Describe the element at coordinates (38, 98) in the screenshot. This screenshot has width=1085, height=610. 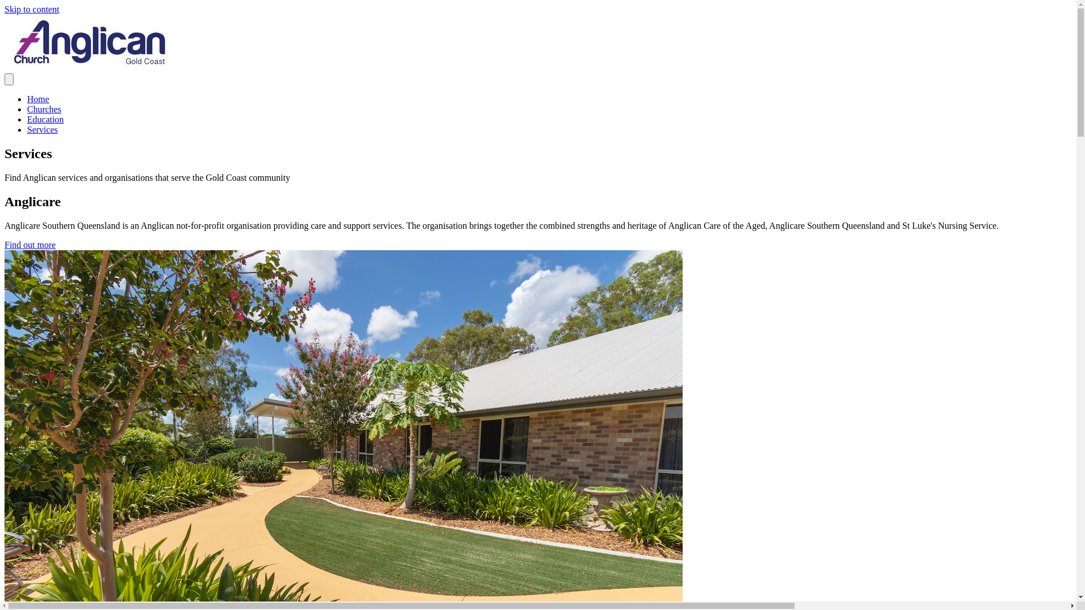
I see `'Home'` at that location.